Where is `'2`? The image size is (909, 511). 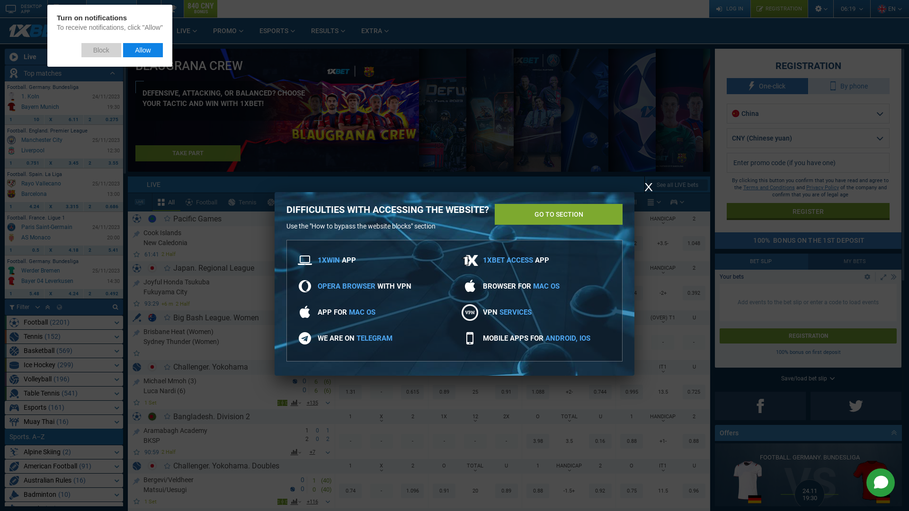 '2 is located at coordinates (103, 119).